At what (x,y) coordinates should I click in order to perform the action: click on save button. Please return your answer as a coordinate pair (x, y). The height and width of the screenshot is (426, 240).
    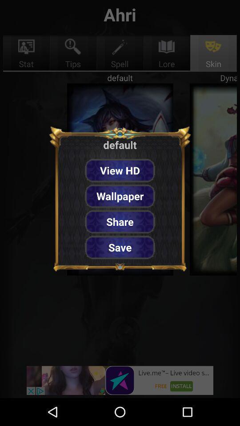
    Looking at the image, I should click on (120, 247).